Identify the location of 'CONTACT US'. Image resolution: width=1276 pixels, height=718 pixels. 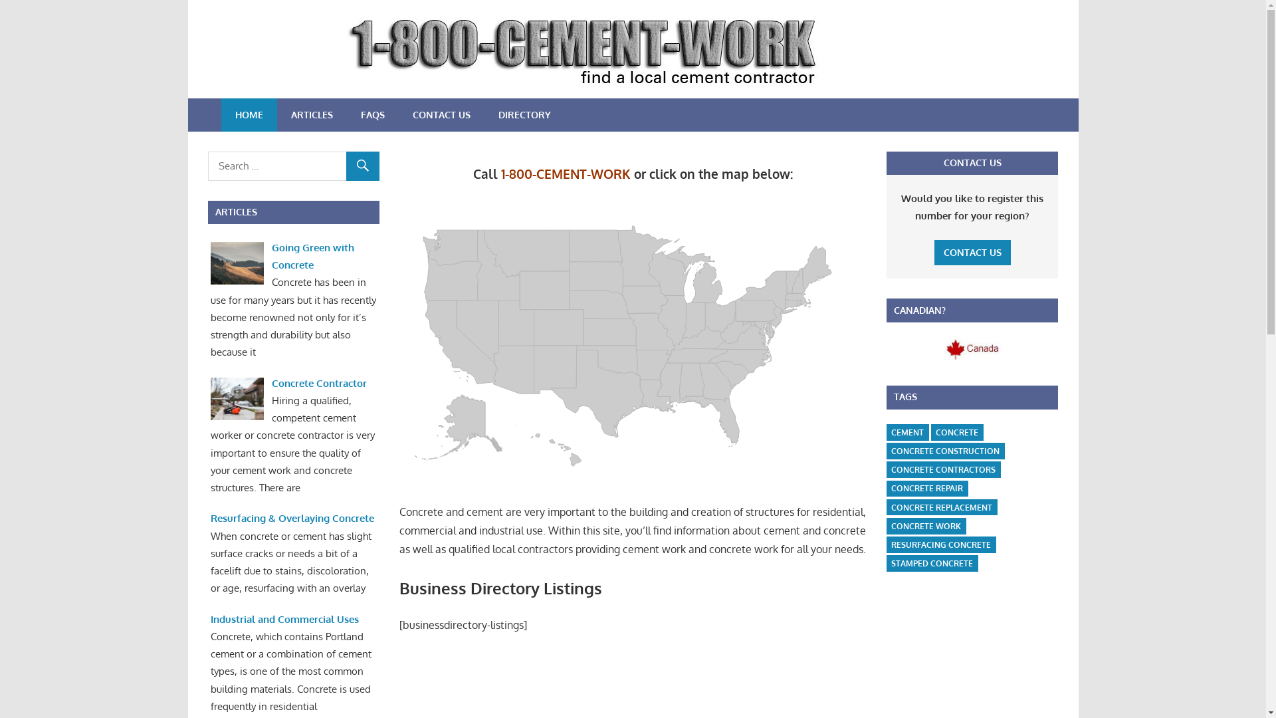
(972, 253).